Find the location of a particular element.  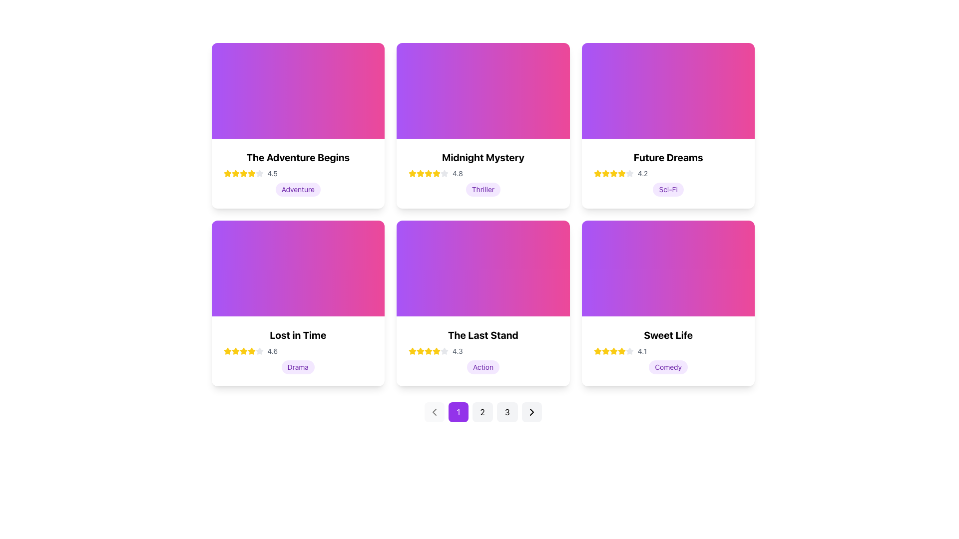

the fourth yellow star icon in the rating section of the 'Lost in Time' item by modifying the rating score is located at coordinates (243, 351).